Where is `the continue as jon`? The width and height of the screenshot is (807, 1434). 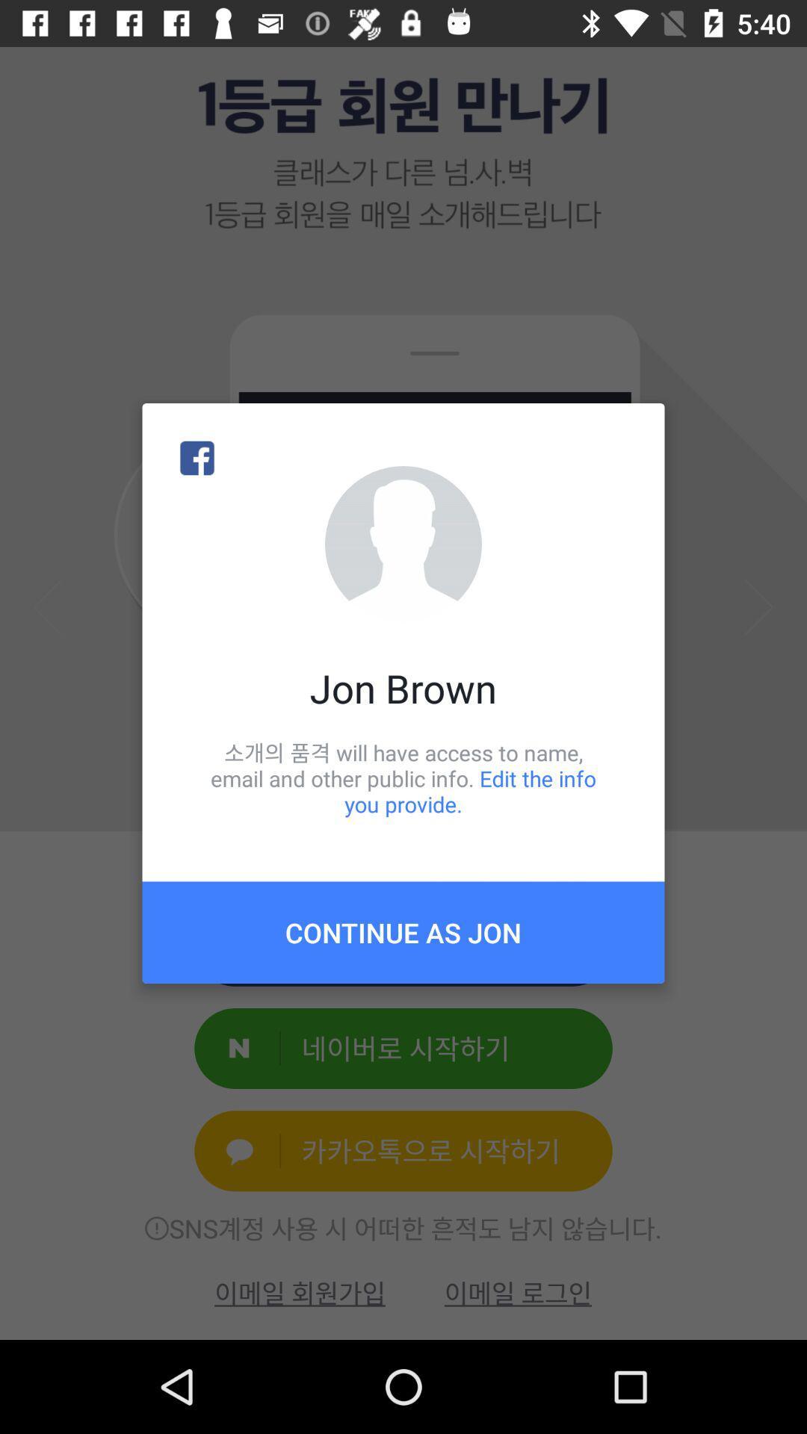 the continue as jon is located at coordinates (403, 931).